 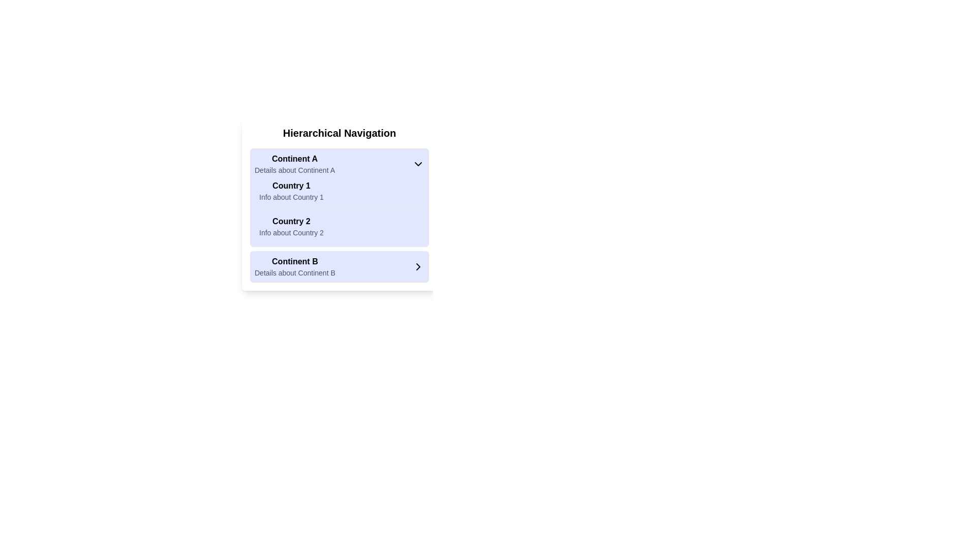 What do you see at coordinates (294, 261) in the screenshot?
I see `the label identifying 'Continent B' in the navigation panel, which serves as a heading for associated information and actions` at bounding box center [294, 261].